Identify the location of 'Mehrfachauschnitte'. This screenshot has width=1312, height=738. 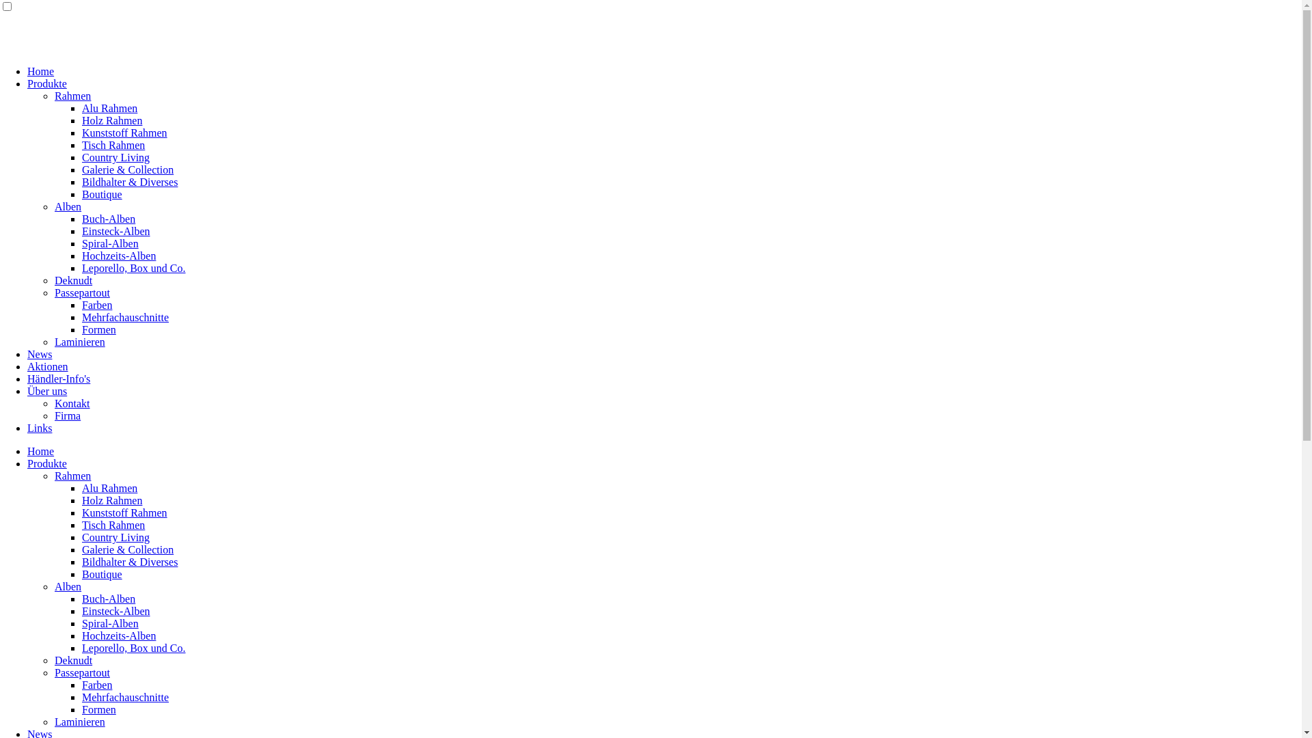
(125, 317).